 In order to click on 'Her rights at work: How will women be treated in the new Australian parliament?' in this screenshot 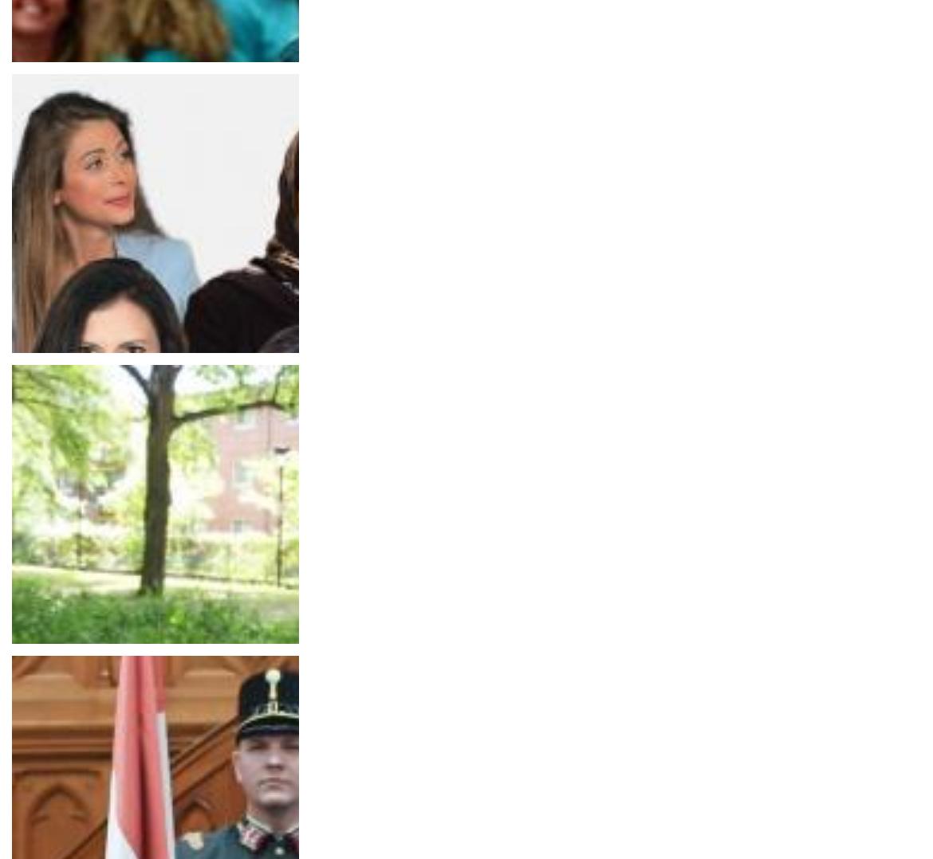, I will do `click(239, 384)`.